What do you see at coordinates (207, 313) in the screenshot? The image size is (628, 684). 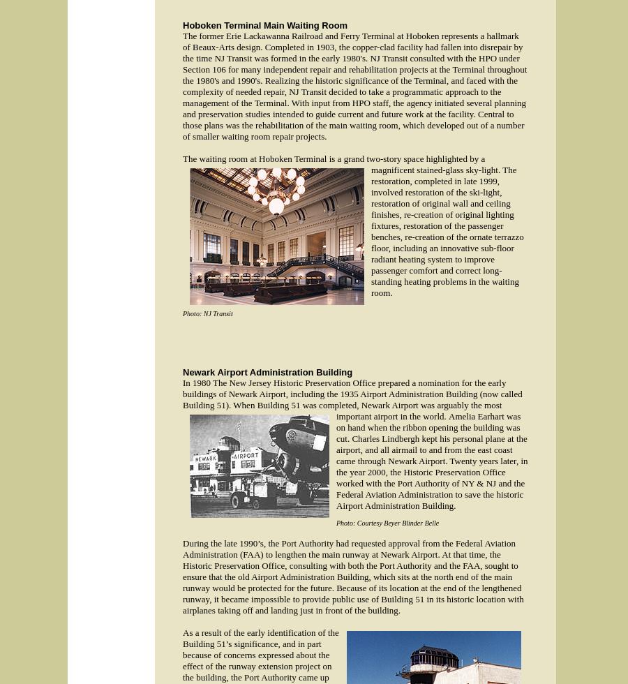 I see `'Photo: NJ Transit'` at bounding box center [207, 313].